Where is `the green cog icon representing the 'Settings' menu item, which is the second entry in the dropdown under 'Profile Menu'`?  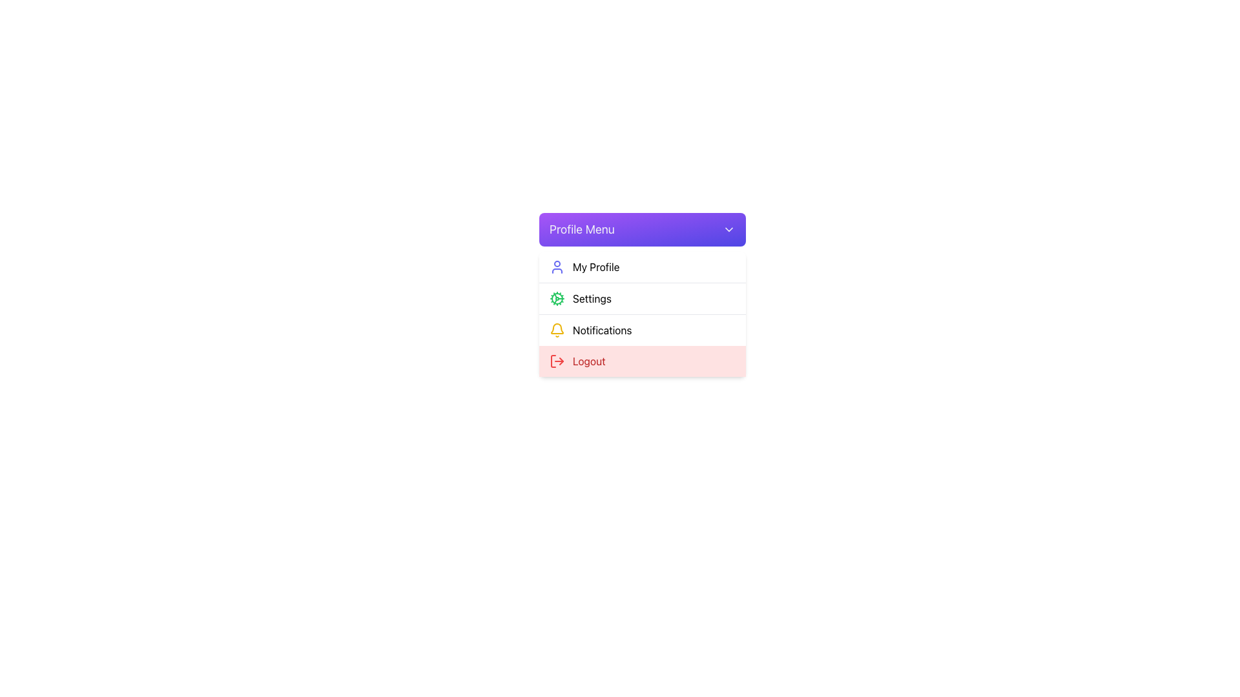
the green cog icon representing the 'Settings' menu item, which is the second entry in the dropdown under 'Profile Menu' is located at coordinates (557, 298).